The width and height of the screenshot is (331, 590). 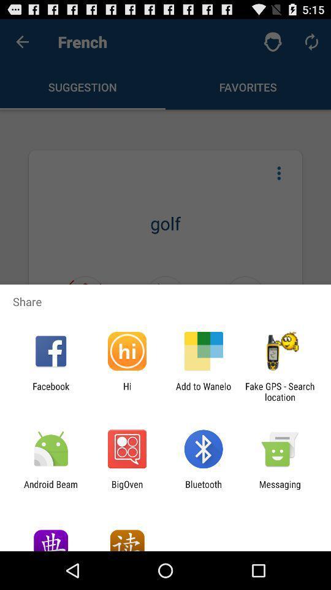 What do you see at coordinates (50, 489) in the screenshot?
I see `item to the left of bigoven` at bounding box center [50, 489].